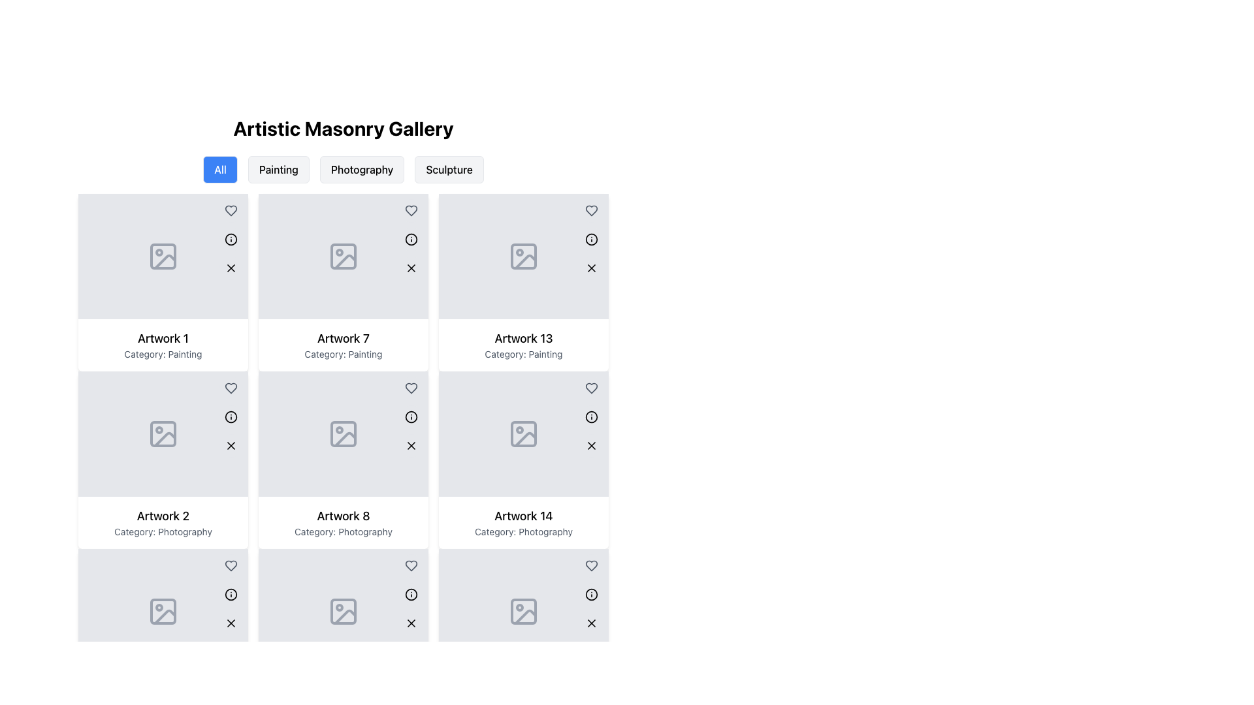 The height and width of the screenshot is (705, 1254). What do you see at coordinates (591, 417) in the screenshot?
I see `the small circular button with an 'info' icon, which is positioned between the 'heart' button and the 'cross' button in the vertical stack for 'Artwork 14'` at bounding box center [591, 417].